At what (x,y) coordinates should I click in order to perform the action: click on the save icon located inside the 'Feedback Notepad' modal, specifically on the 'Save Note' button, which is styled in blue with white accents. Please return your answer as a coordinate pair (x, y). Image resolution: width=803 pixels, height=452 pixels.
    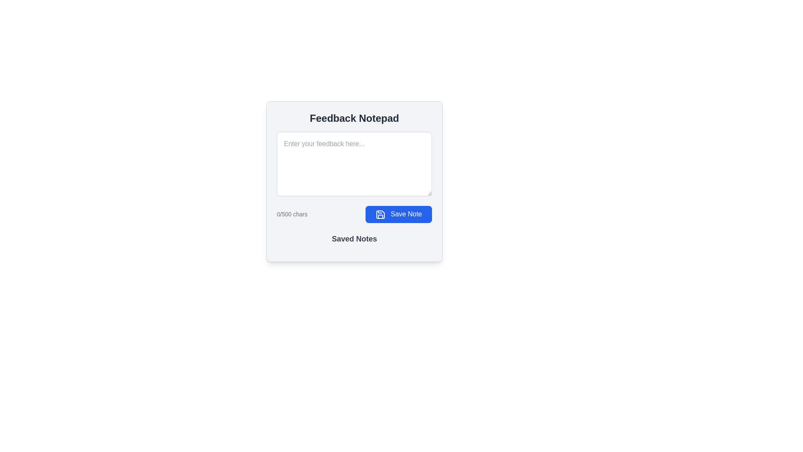
    Looking at the image, I should click on (380, 214).